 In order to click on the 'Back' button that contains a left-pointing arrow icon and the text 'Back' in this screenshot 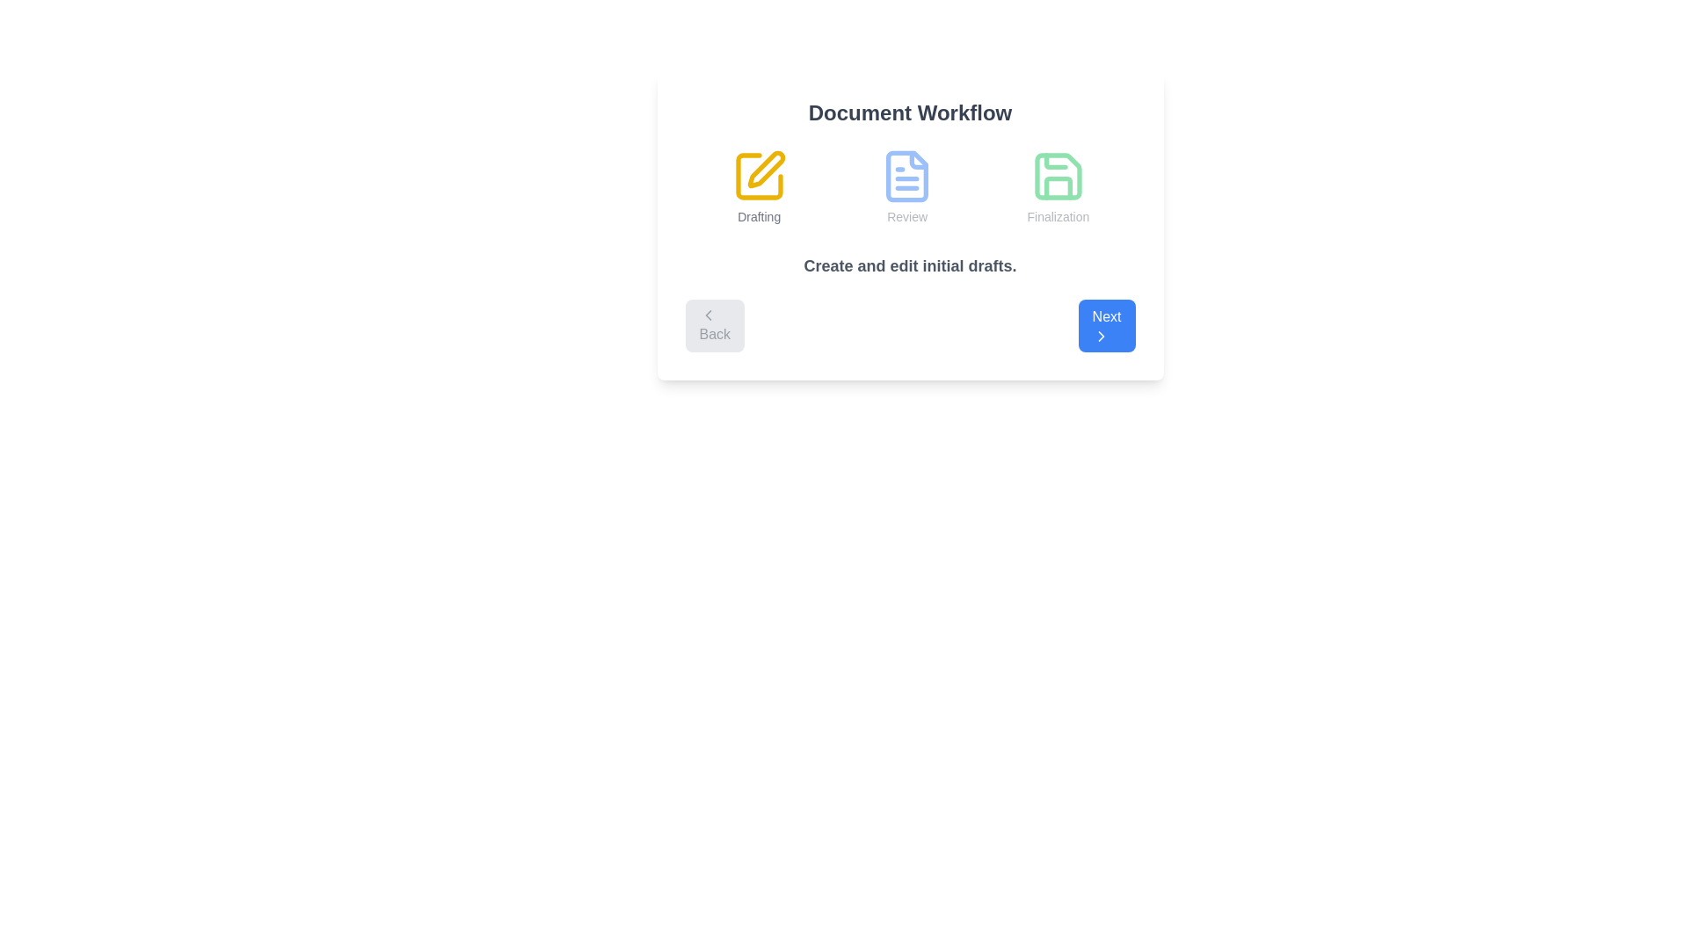, I will do `click(708, 314)`.